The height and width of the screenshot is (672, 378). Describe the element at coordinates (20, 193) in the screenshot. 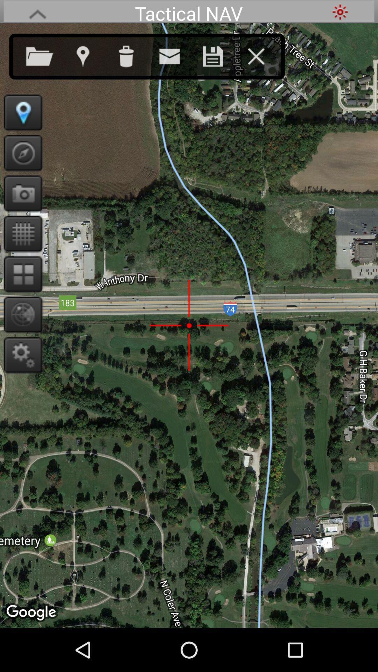

I see `take a picture` at that location.